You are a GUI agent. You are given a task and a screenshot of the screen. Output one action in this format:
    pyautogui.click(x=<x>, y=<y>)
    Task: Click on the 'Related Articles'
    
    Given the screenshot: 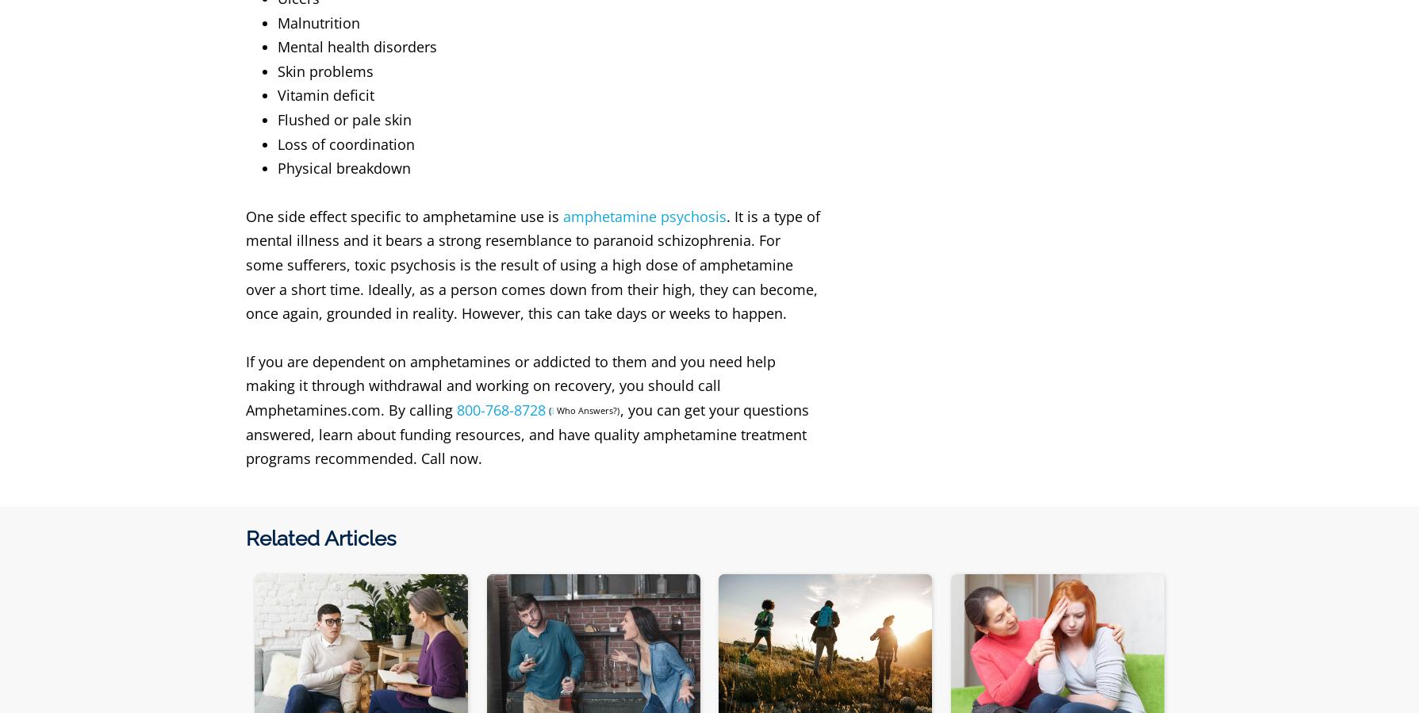 What is the action you would take?
    pyautogui.click(x=319, y=537)
    